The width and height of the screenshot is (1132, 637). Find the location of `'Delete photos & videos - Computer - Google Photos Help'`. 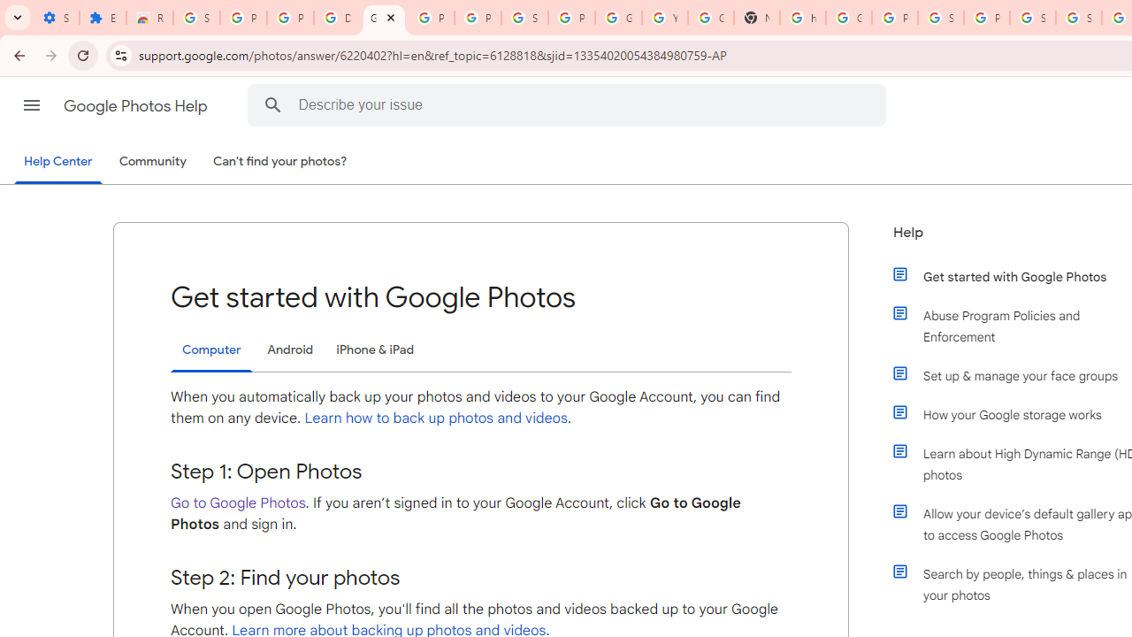

'Delete photos & videos - Computer - Google Photos Help' is located at coordinates (337, 18).